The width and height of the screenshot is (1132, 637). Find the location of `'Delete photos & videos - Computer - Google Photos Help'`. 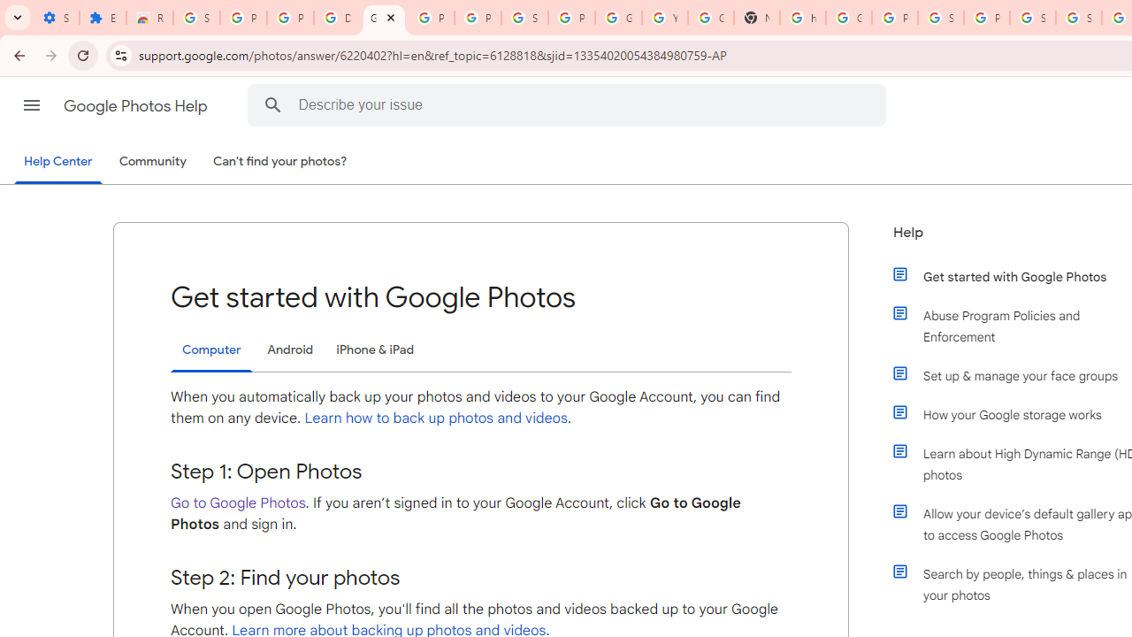

'Delete photos & videos - Computer - Google Photos Help' is located at coordinates (337, 18).